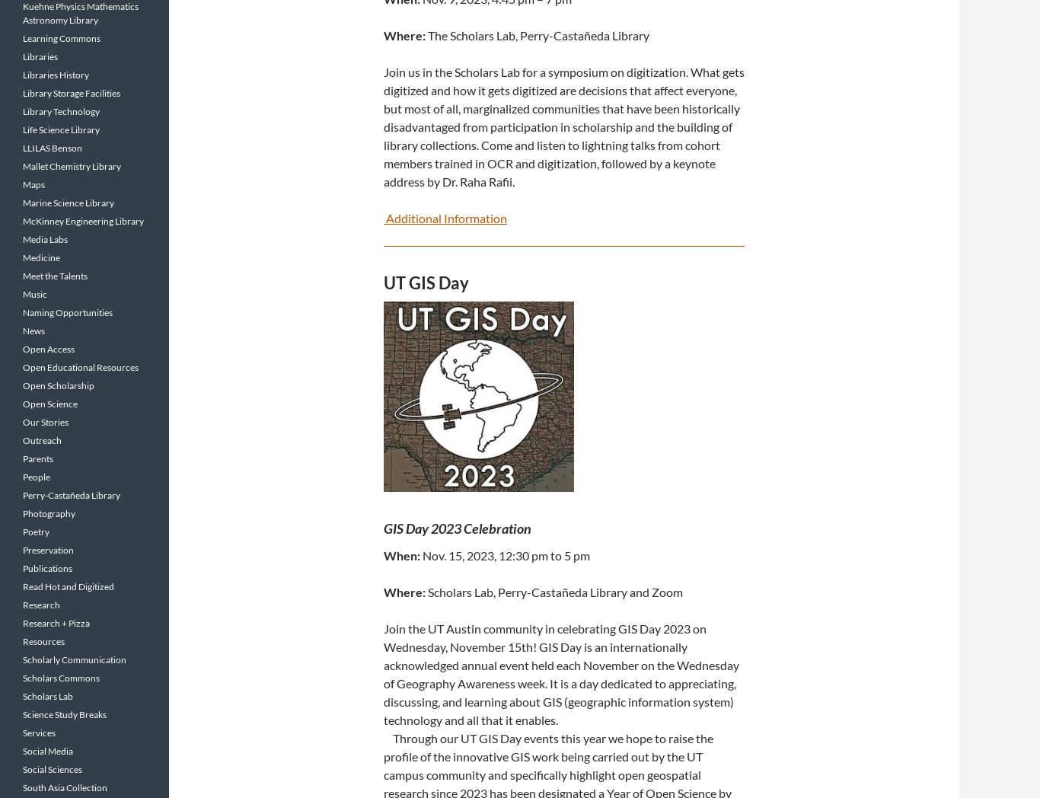 This screenshot has width=1040, height=798. I want to click on 'Services', so click(39, 732).